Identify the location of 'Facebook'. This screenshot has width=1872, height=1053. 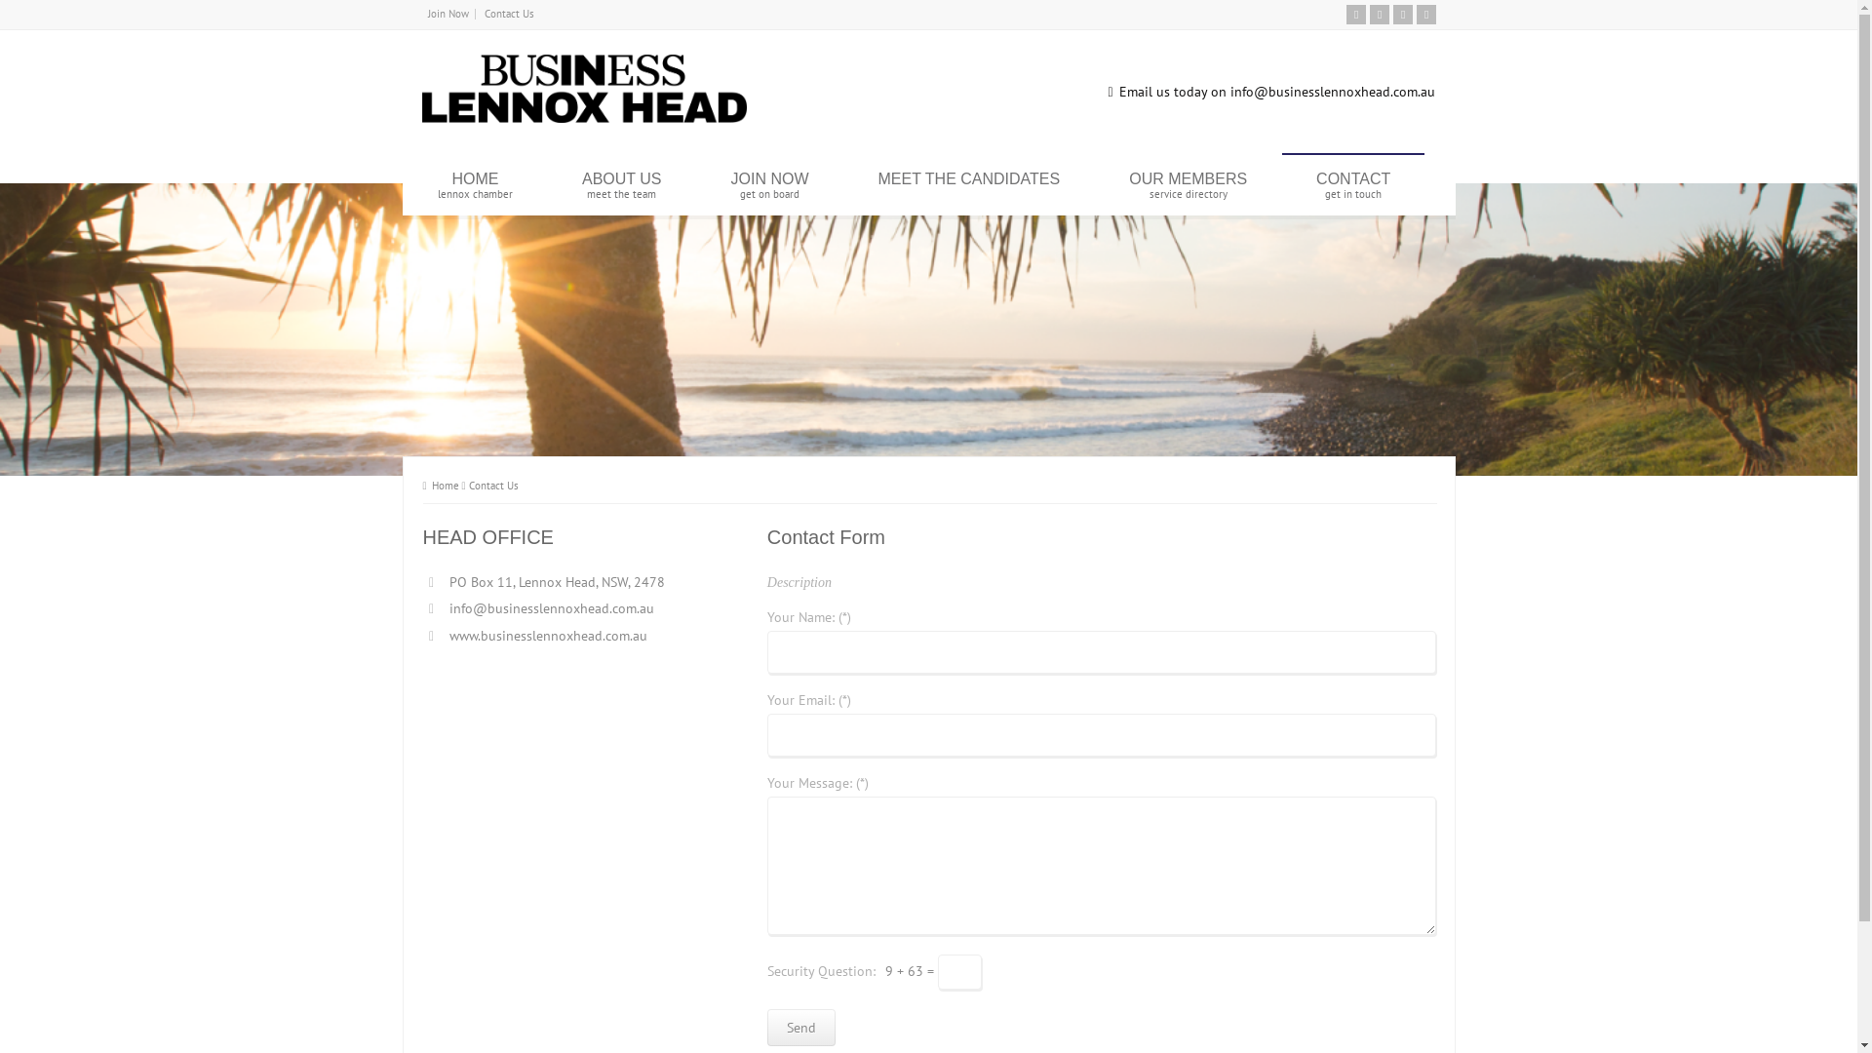
(1401, 15).